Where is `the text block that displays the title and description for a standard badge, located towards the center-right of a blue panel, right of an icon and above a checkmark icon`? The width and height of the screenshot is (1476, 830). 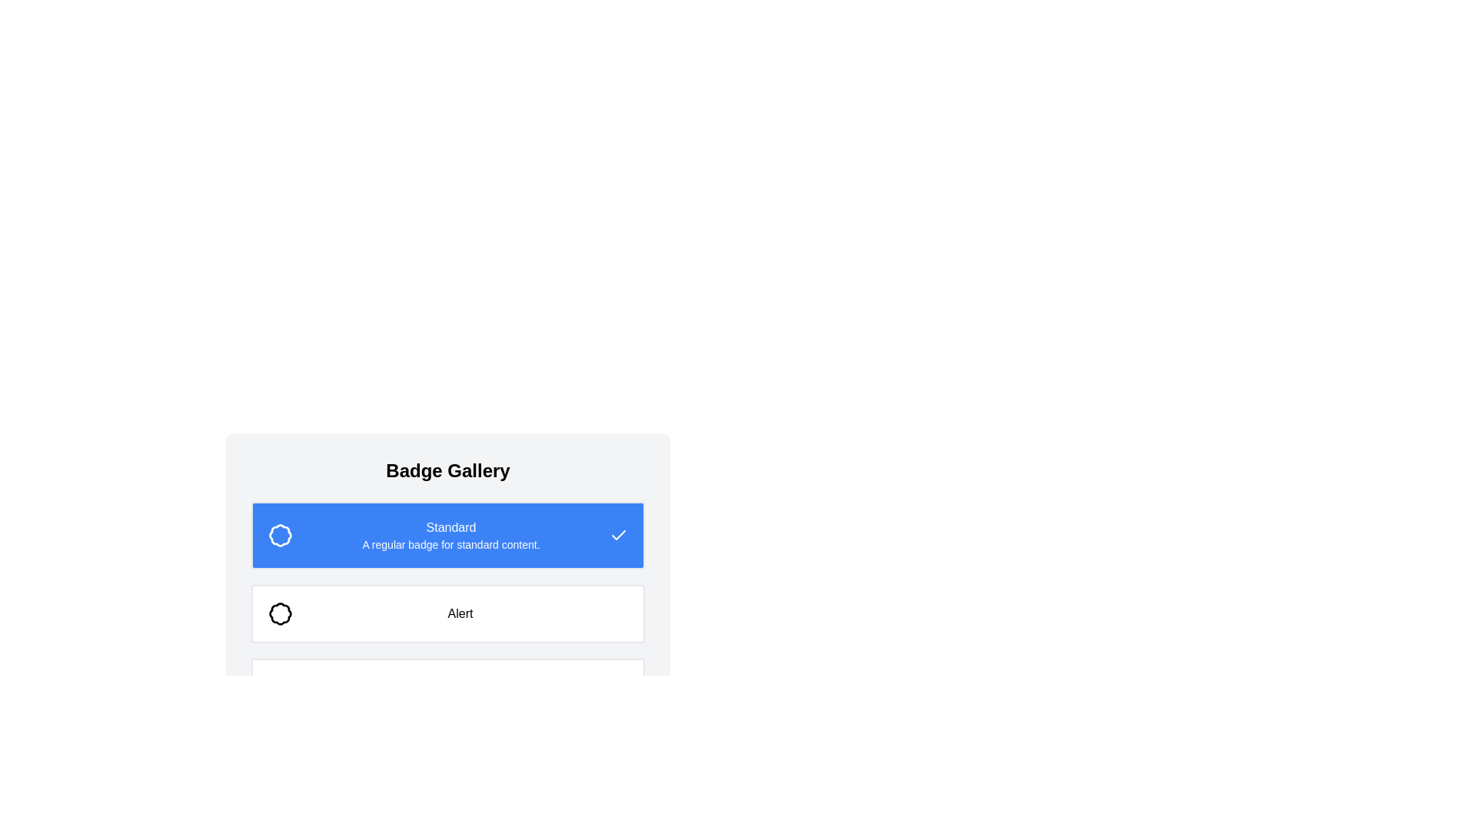 the text block that displays the title and description for a standard badge, located towards the center-right of a blue panel, right of an icon and above a checkmark icon is located at coordinates (450, 535).